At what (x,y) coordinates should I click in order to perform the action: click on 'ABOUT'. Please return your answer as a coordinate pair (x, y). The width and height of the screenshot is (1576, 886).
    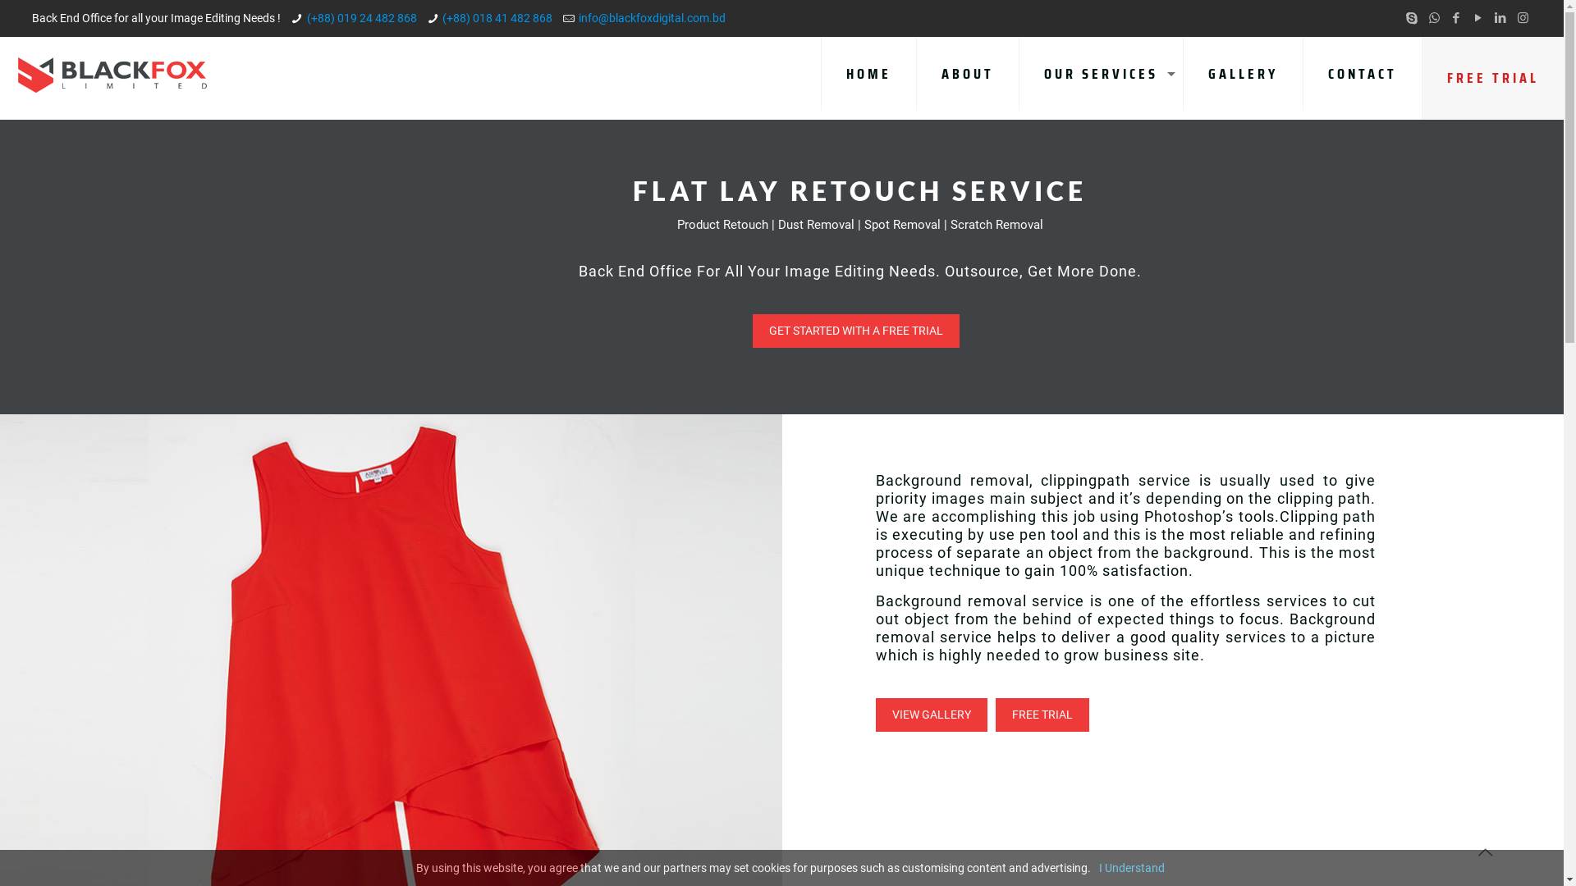
    Looking at the image, I should click on (968, 72).